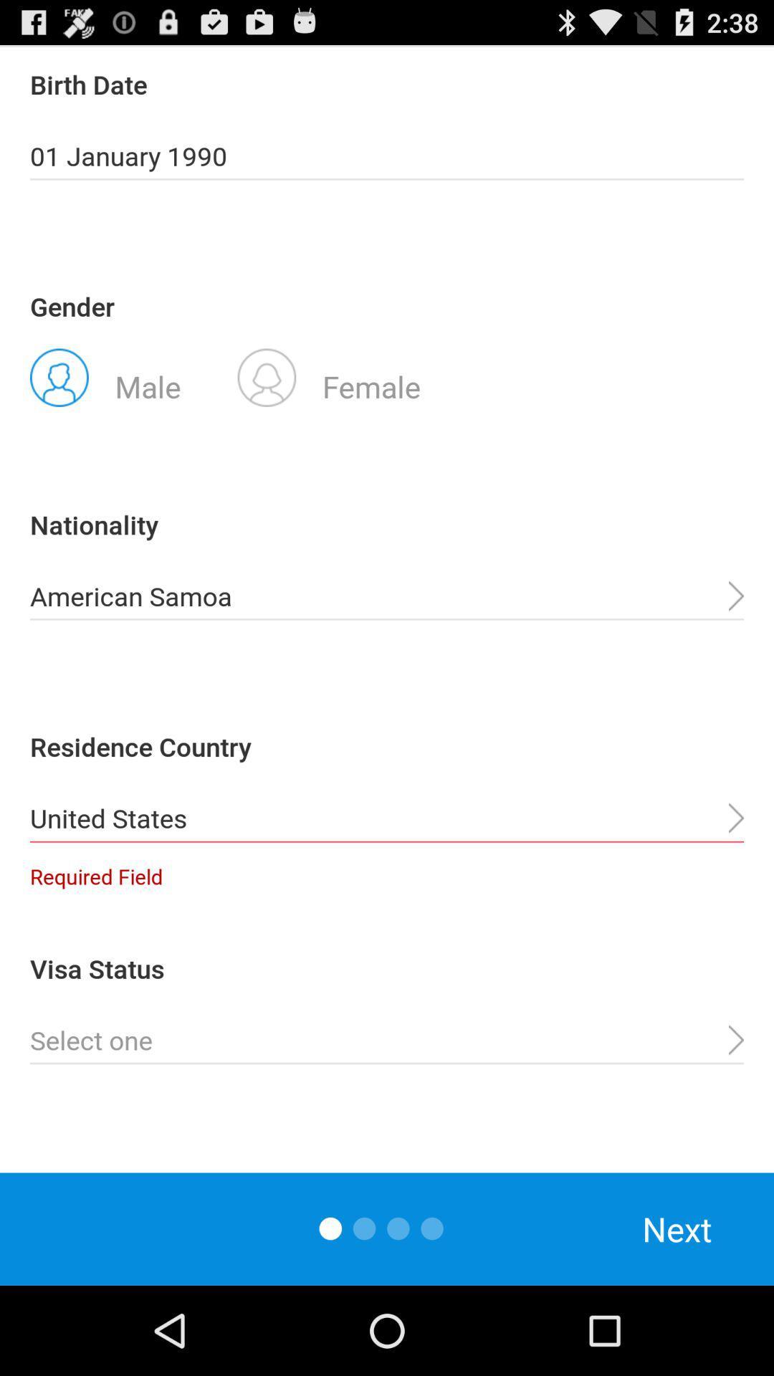 The height and width of the screenshot is (1376, 774). I want to click on open pull down menu, so click(387, 1041).